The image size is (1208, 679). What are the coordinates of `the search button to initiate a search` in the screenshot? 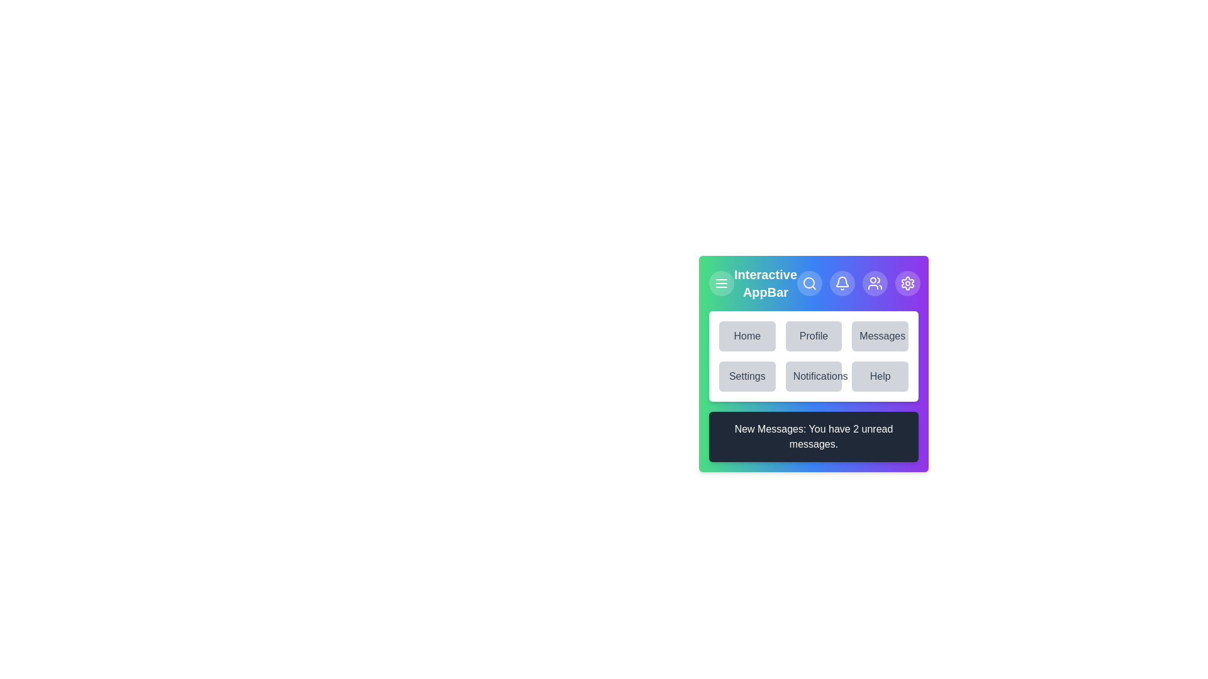 It's located at (809, 284).